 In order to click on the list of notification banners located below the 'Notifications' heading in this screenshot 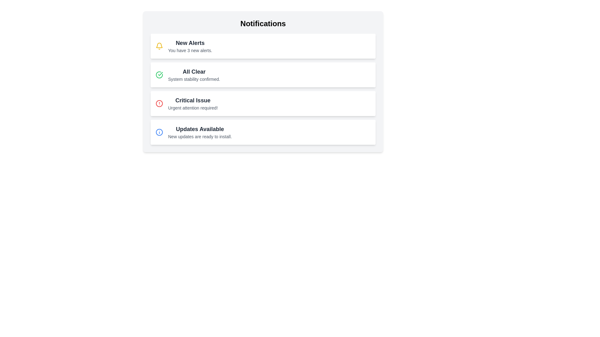, I will do `click(263, 89)`.